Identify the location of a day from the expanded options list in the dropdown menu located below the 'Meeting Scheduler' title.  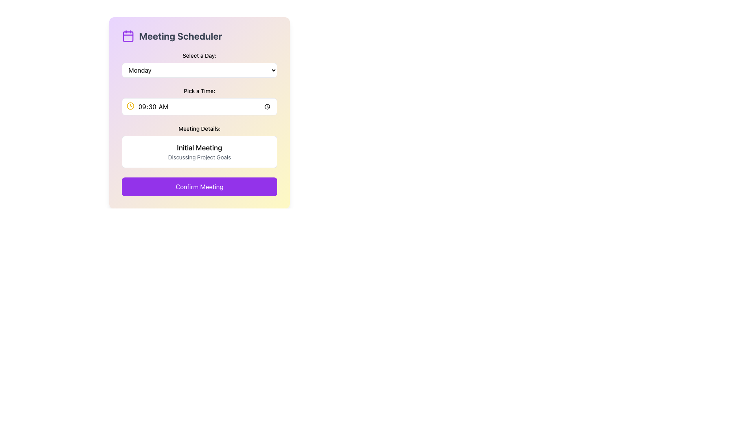
(199, 64).